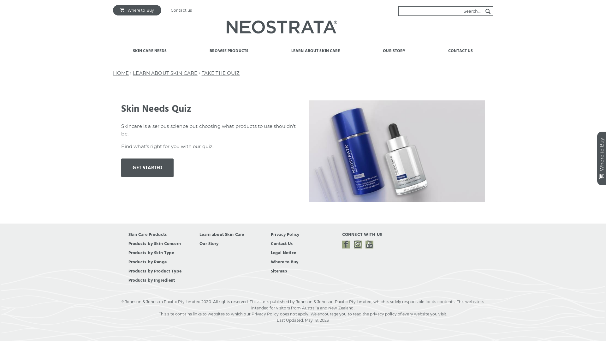 The image size is (606, 341). Describe the element at coordinates (271, 253) in the screenshot. I see `'Legal Notice'` at that location.